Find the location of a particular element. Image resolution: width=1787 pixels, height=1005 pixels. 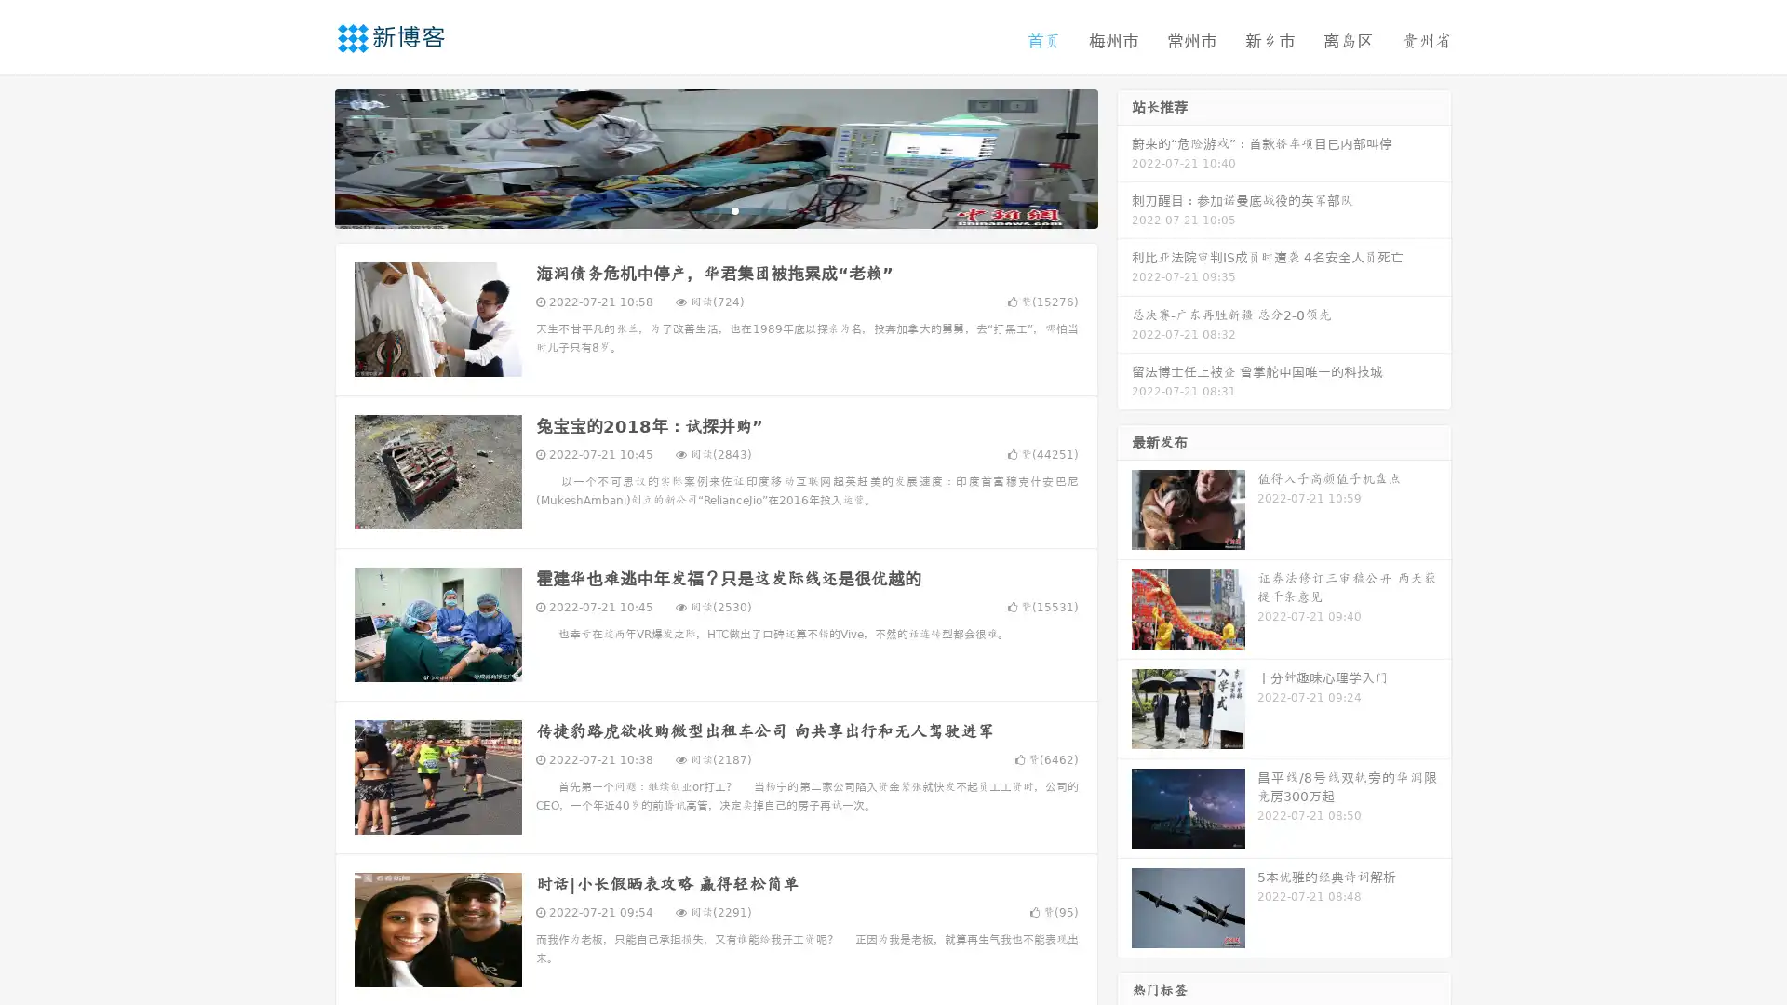

Go to slide 3 is located at coordinates (734, 209).